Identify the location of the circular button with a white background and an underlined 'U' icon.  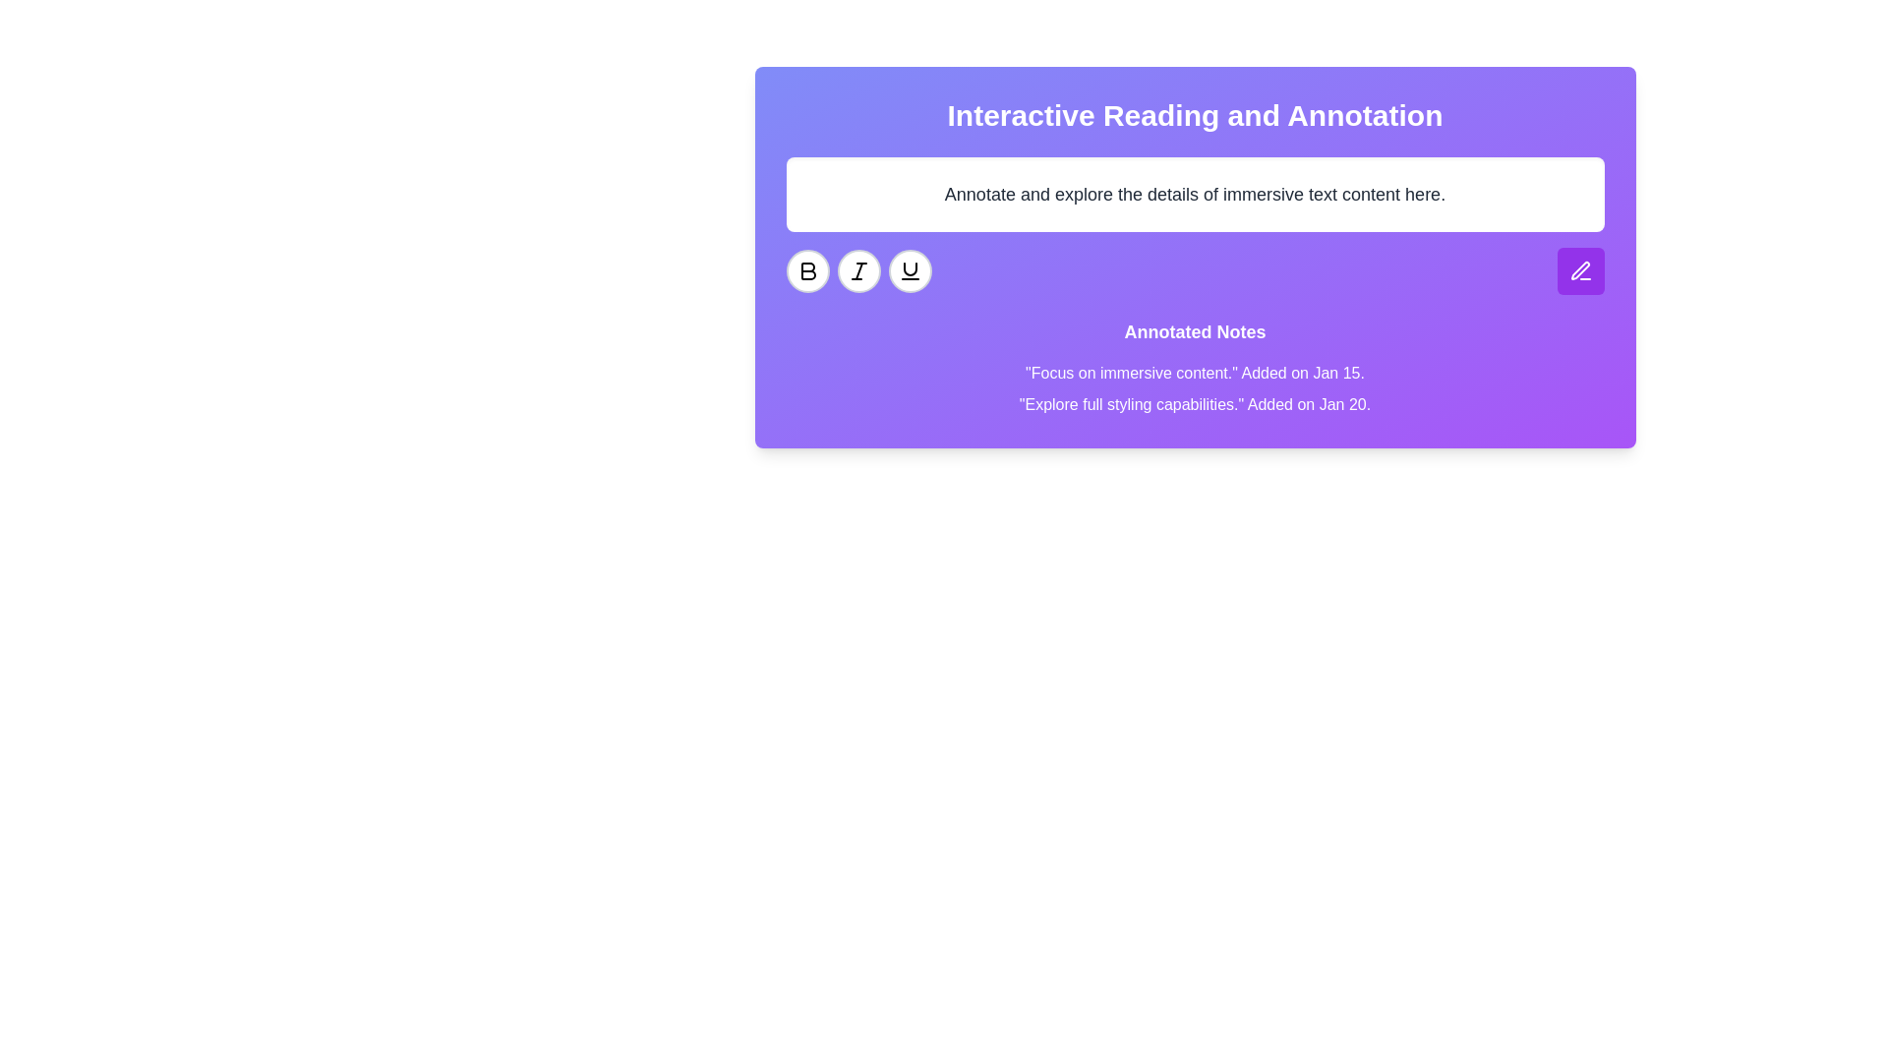
(909, 271).